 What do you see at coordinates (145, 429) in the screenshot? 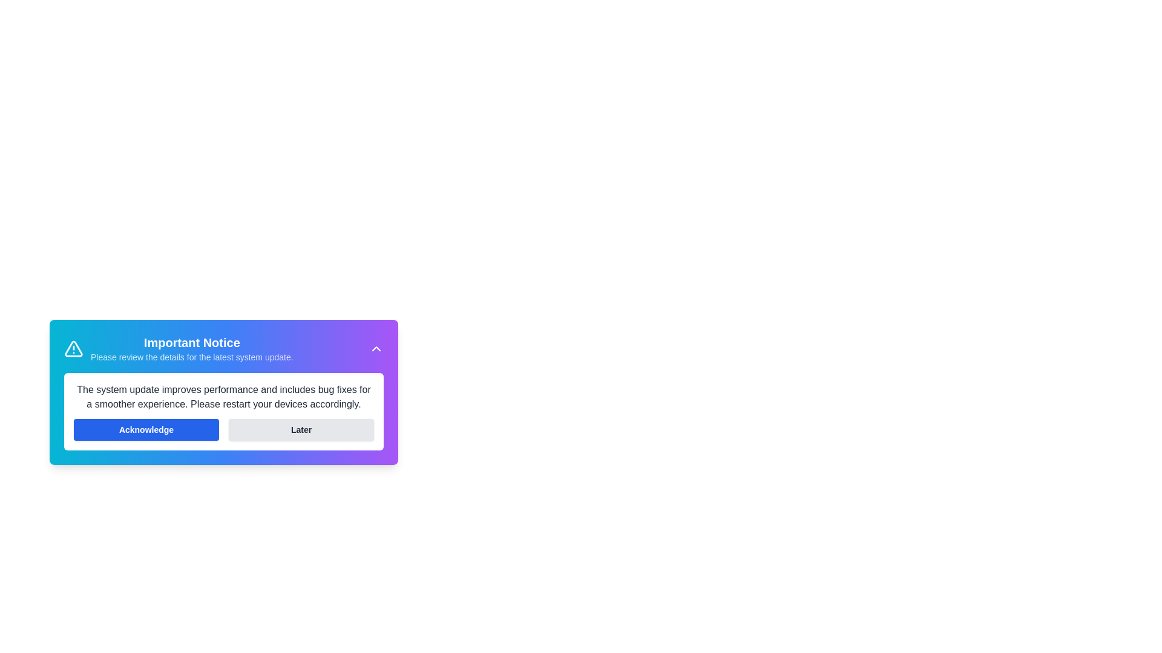
I see `the 'Acknowledge' button to confirm the alert` at bounding box center [145, 429].